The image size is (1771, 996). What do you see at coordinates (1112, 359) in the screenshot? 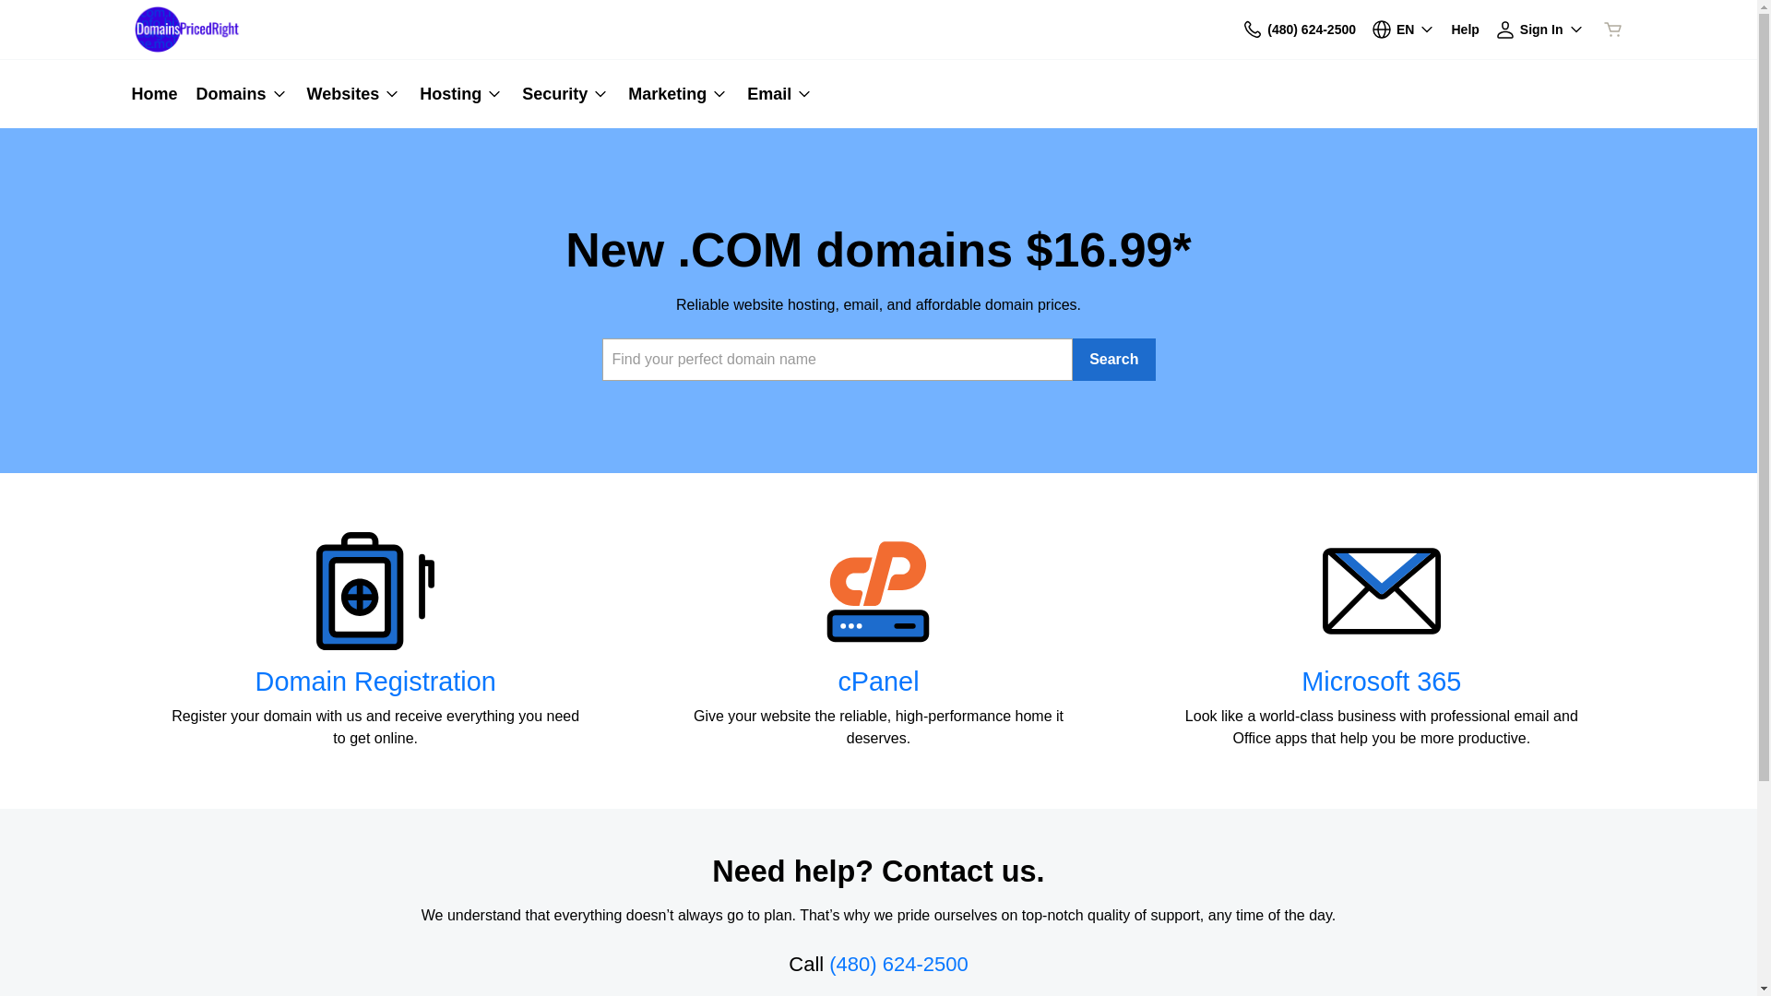
I see `'Search'` at bounding box center [1112, 359].